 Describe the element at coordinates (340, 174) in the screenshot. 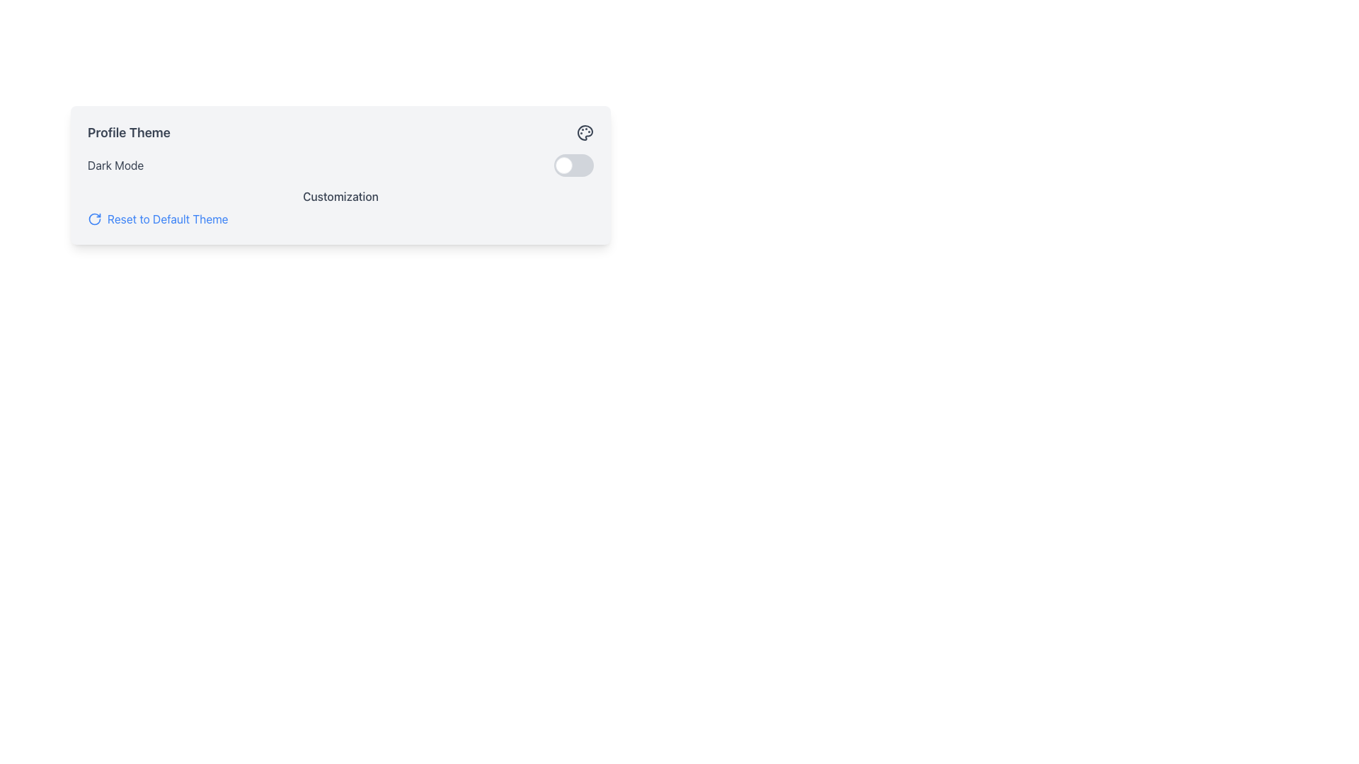

I see `the configuration panel for profile theming` at that location.